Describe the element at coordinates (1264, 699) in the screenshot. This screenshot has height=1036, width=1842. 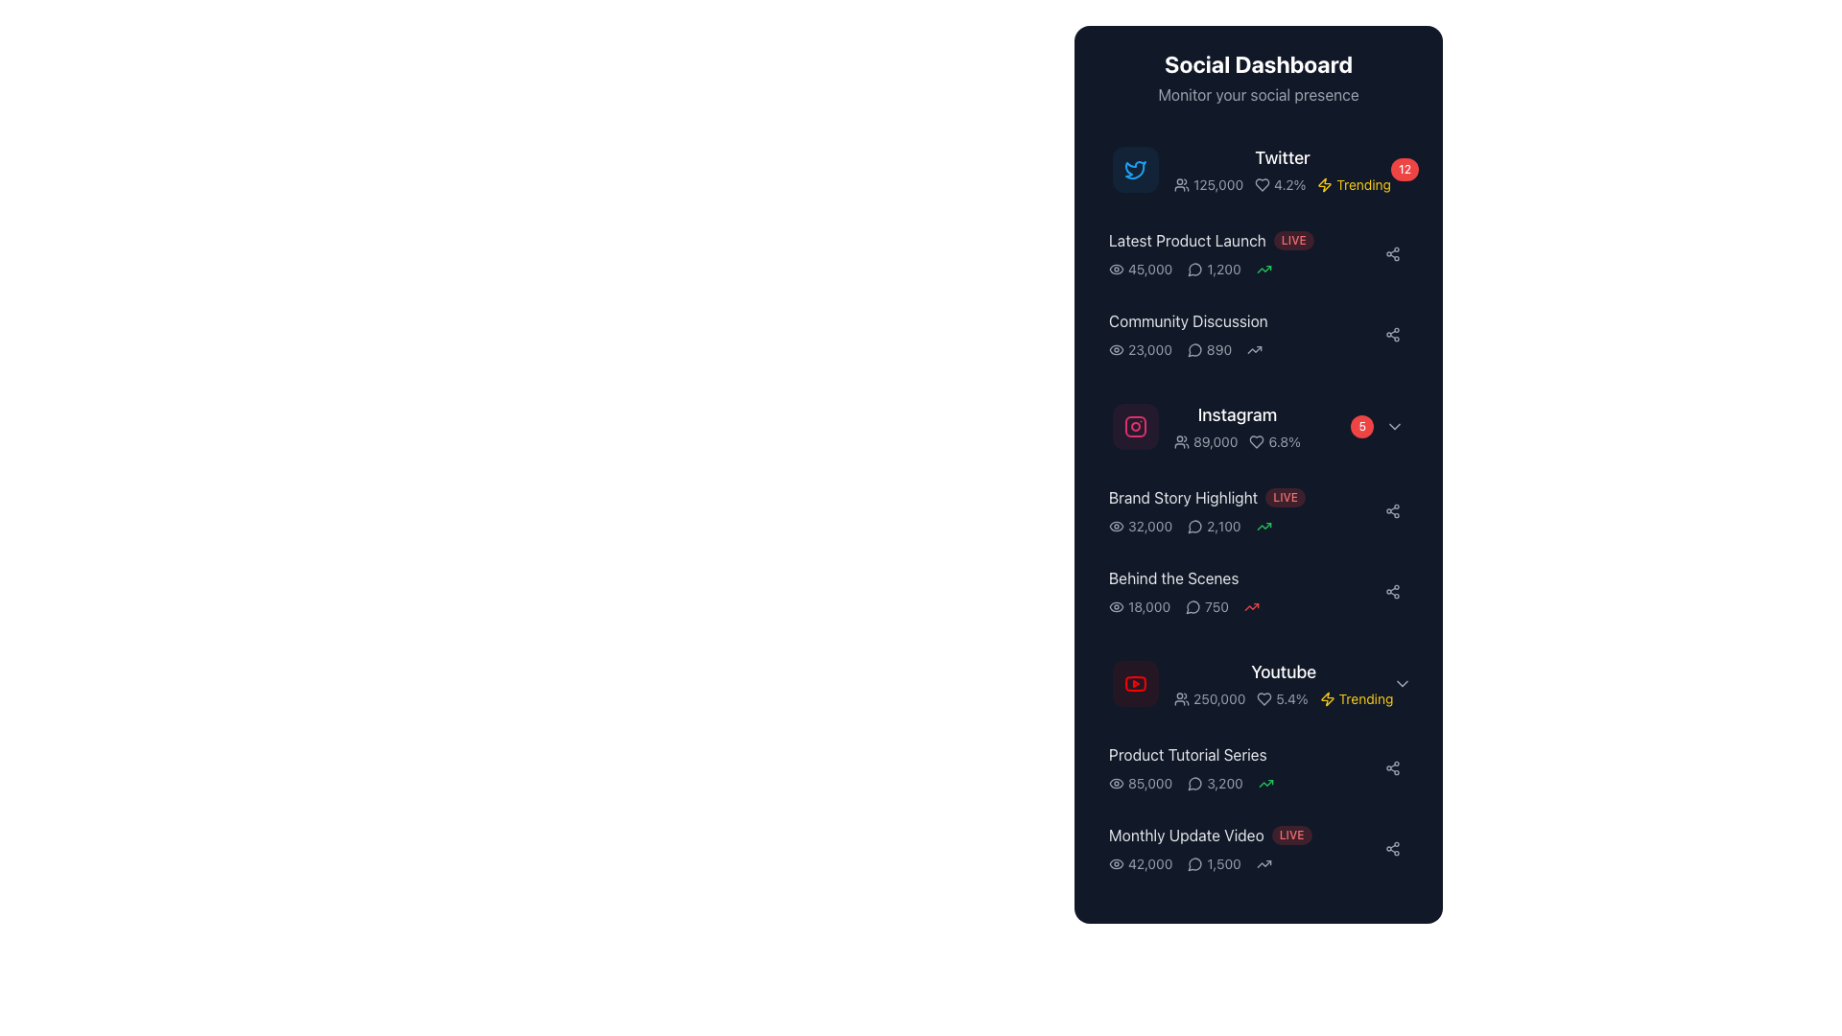
I see `the heart icon representing the 'like' feature in the Youtube list item on the social dashboard, positioned before the text '5.4%'` at that location.